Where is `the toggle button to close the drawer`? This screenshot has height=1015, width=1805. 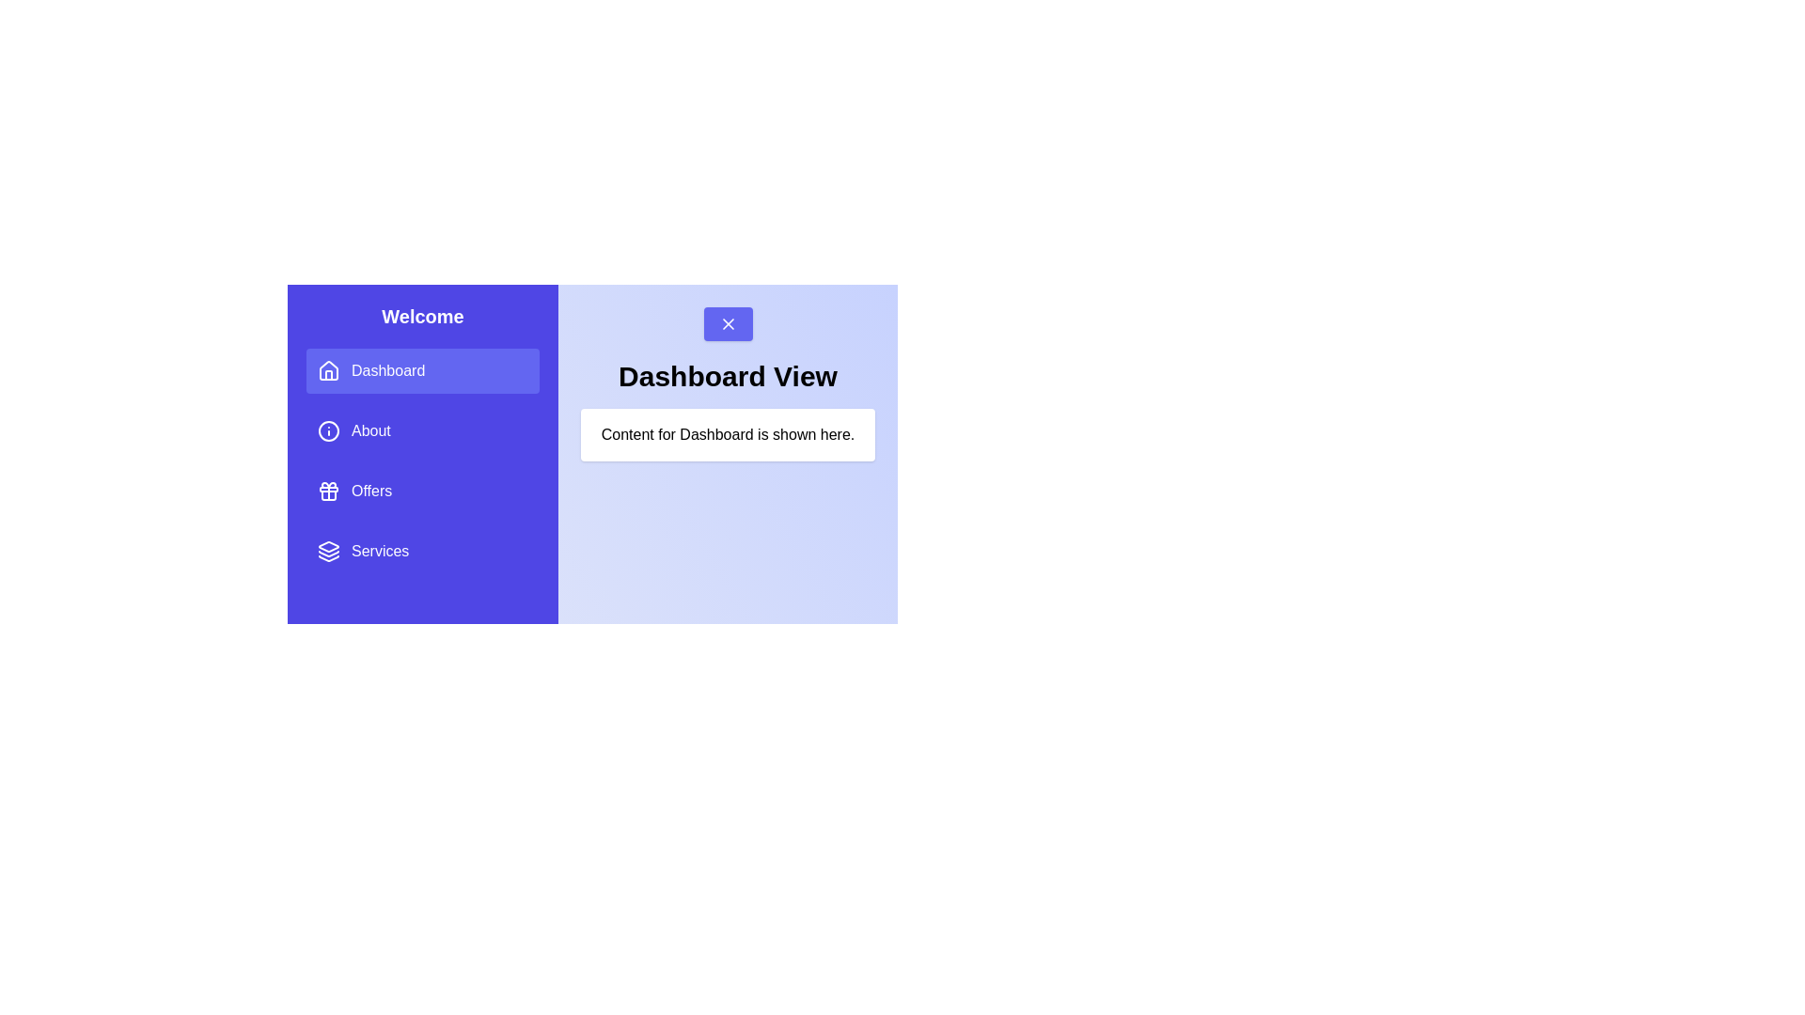
the toggle button to close the drawer is located at coordinates (727, 322).